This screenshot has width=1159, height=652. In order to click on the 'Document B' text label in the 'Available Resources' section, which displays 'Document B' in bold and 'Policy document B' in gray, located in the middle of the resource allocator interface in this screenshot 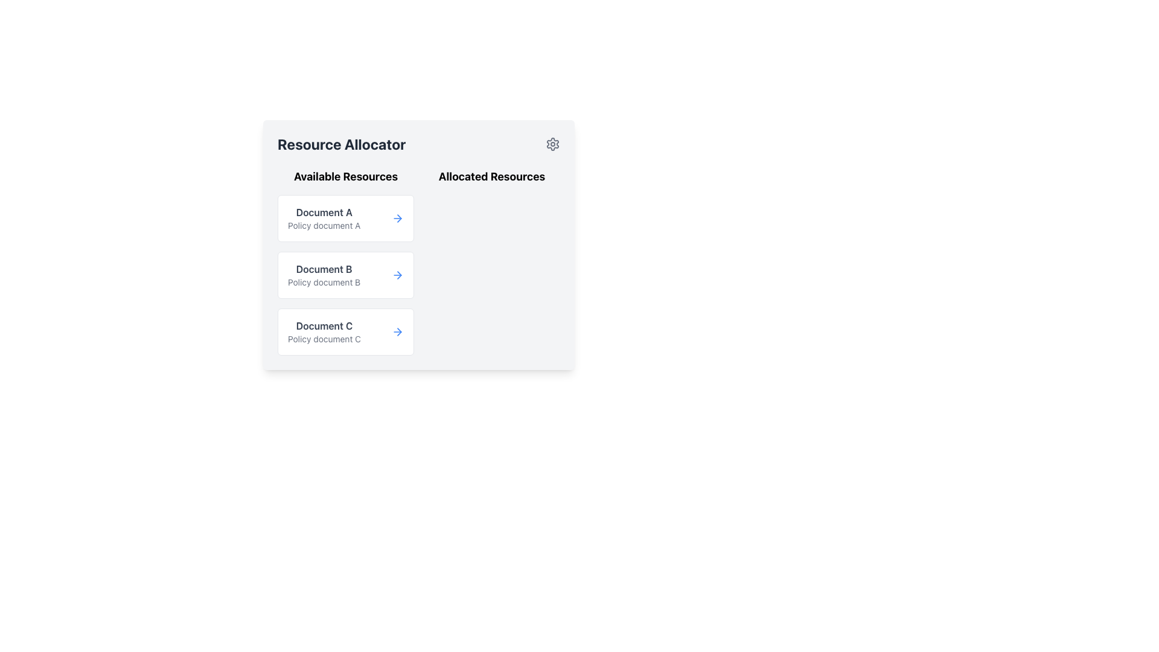, I will do `click(324, 275)`.